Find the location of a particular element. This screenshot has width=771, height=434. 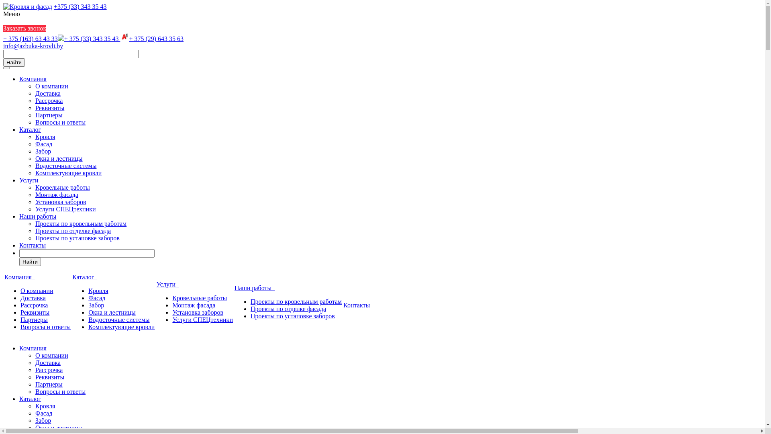

'info@azbuka-krovli.by' is located at coordinates (33, 46).